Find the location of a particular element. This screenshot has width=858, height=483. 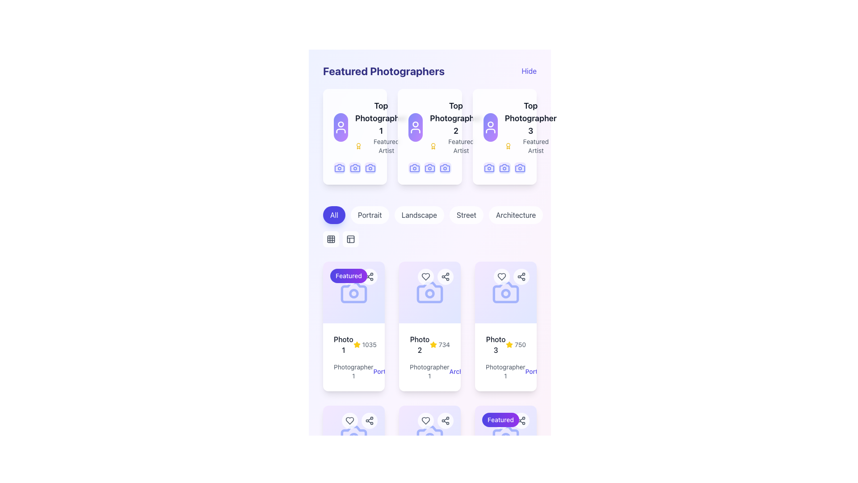

the text label 'Photographer 1' which is styled in gray color and is located inside the card labeled 'Photo 3' is located at coordinates (505, 372).